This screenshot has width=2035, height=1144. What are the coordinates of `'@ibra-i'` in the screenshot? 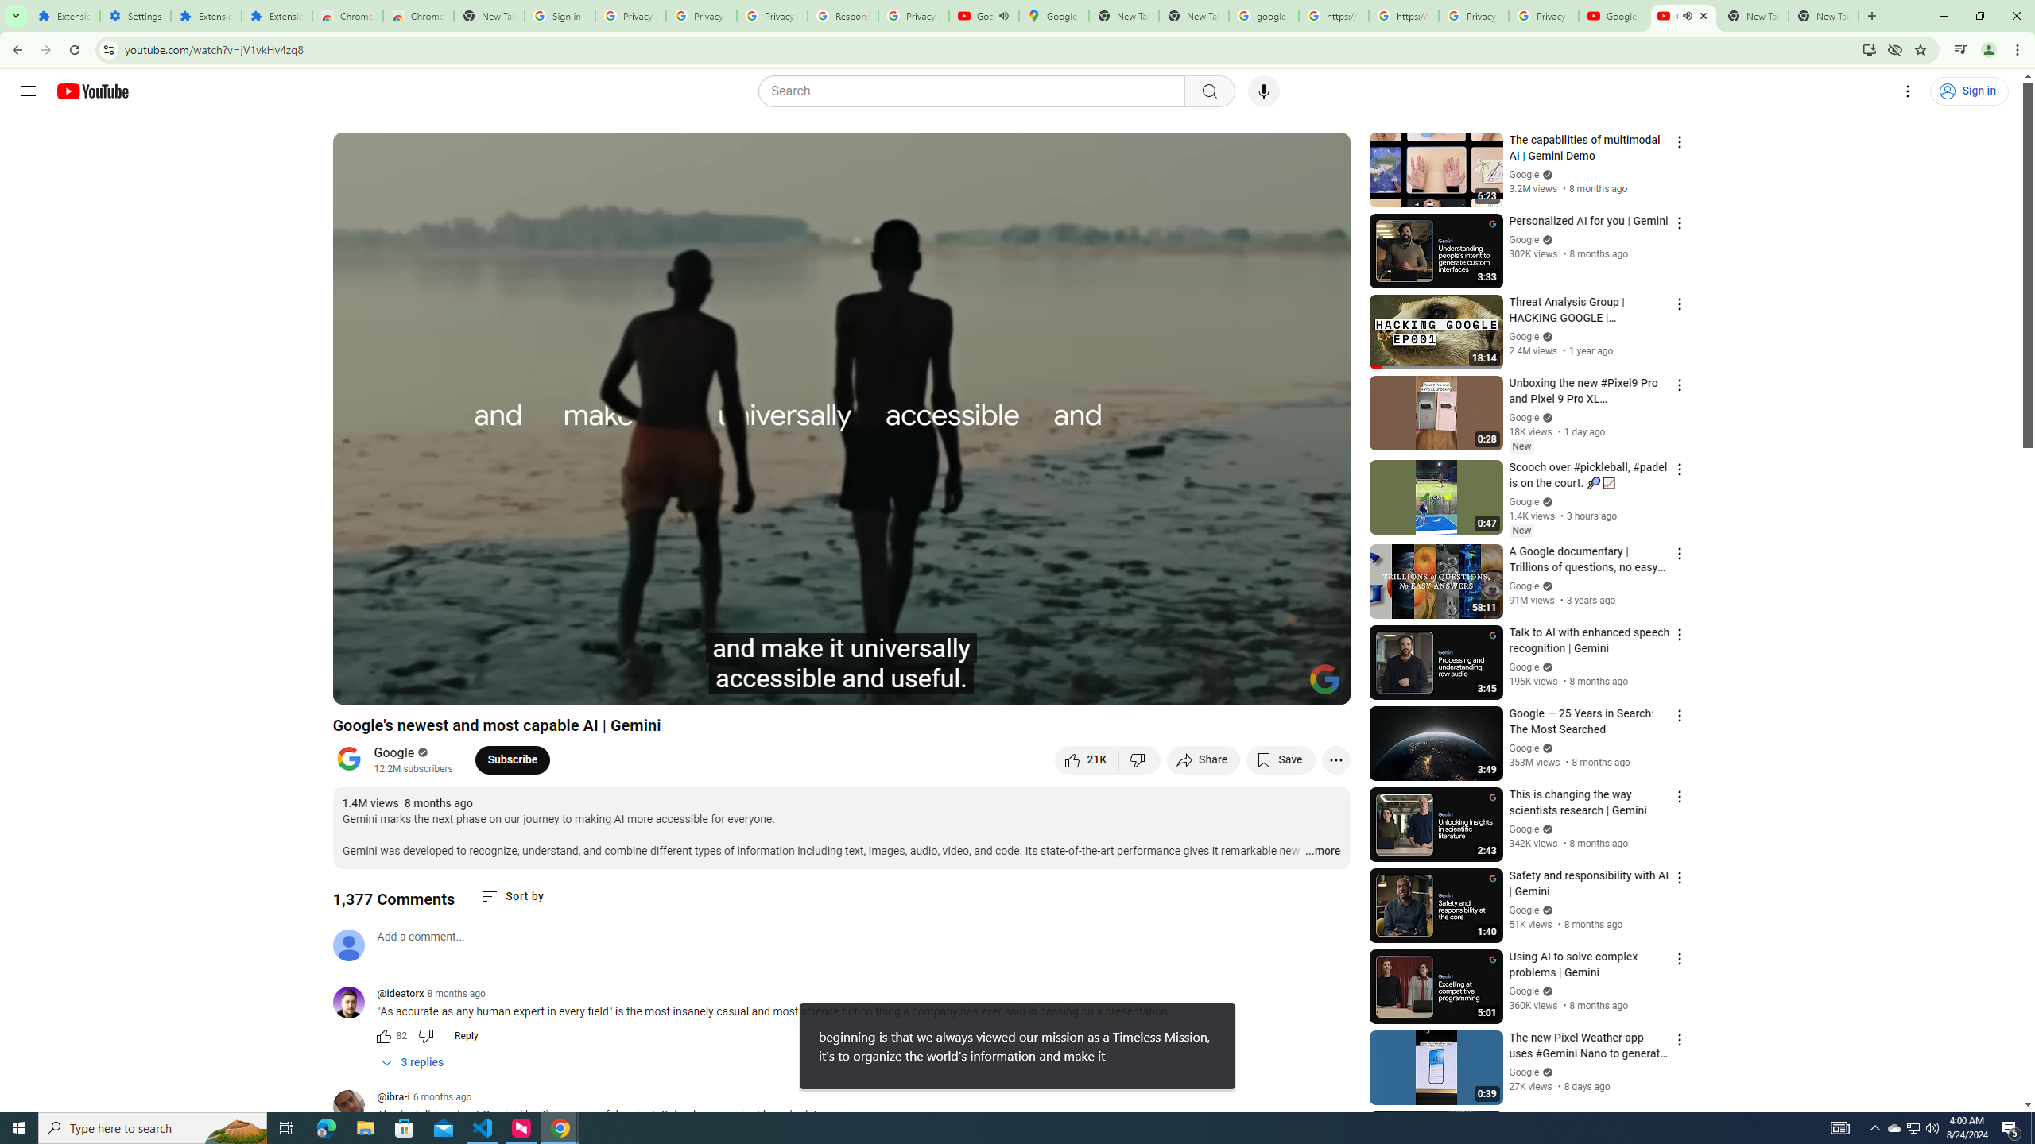 It's located at (393, 1098).